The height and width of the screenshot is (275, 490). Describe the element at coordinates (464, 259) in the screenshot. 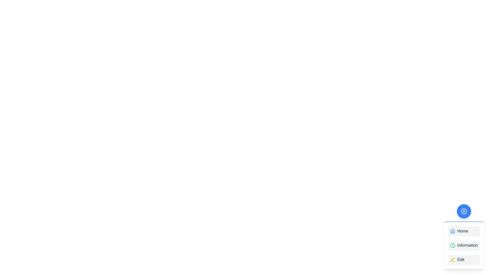

I see `the 'Edit' button with a yellow pencil icon` at that location.